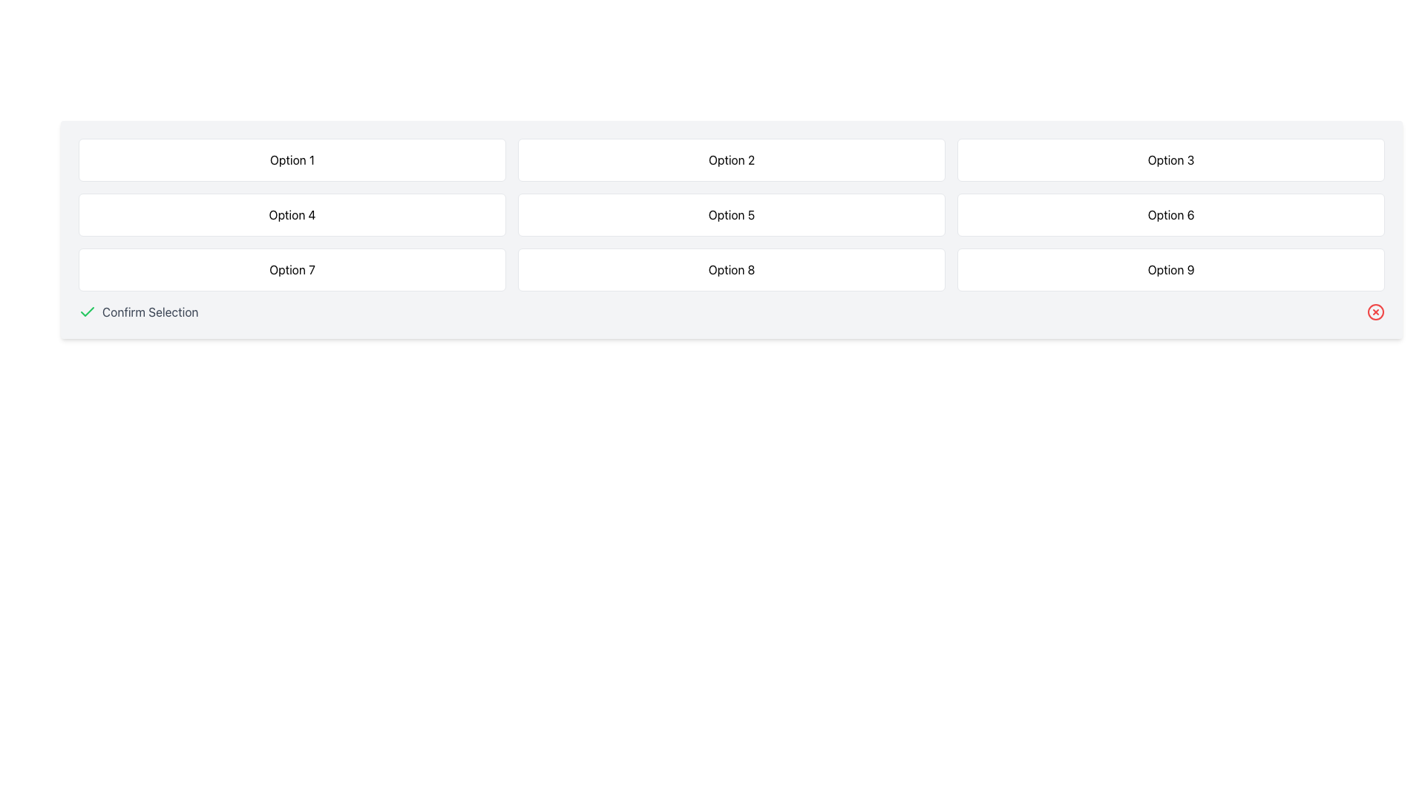  Describe the element at coordinates (292, 160) in the screenshot. I see `the 'Option 1' button, which is a rectangular button with a white background and black text, located in the first column of the first row of a grid layout` at that location.